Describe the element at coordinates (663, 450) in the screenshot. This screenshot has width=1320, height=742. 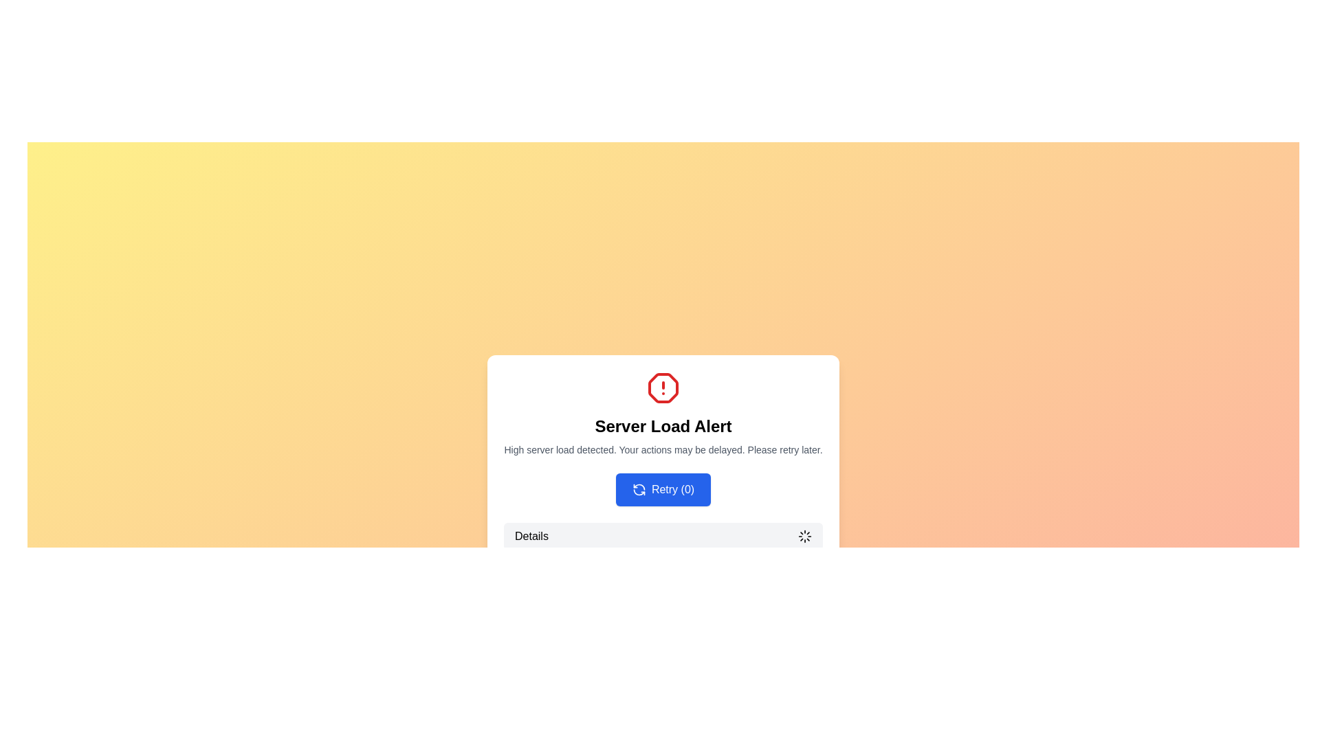
I see `the static text that delivers a cautionary message about potential delays in service due to high server load, positioned below the 'Server Load Alert' message` at that location.